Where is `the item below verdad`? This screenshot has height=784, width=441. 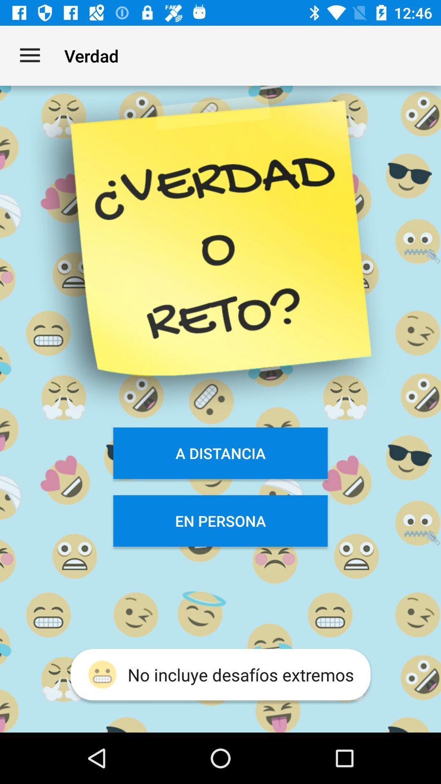
the item below verdad is located at coordinates (220, 452).